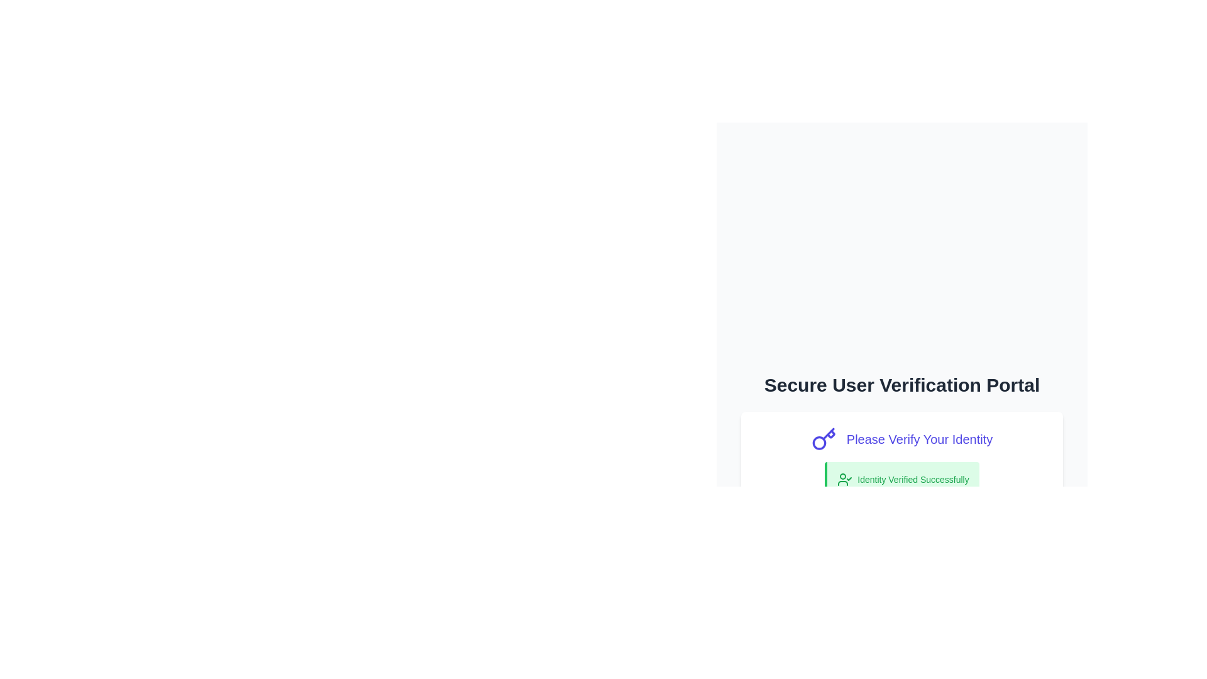 This screenshot has width=1207, height=679. What do you see at coordinates (901, 480) in the screenshot?
I see `the Banner notification that informs the user of successful identity verification, located centrally below the 'Please Verify Your Identity' text` at bounding box center [901, 480].